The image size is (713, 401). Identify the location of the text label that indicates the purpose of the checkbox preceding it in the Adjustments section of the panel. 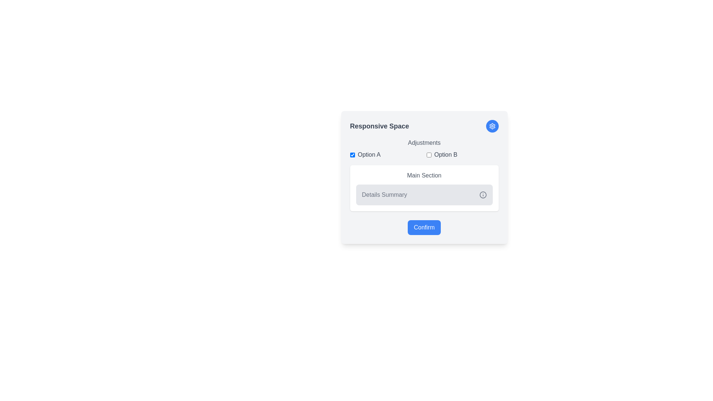
(446, 154).